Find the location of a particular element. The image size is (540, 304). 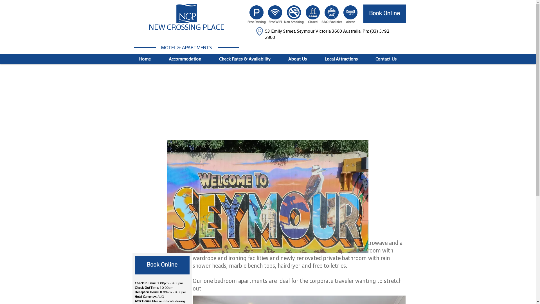

'Contact Us' is located at coordinates (367, 59).